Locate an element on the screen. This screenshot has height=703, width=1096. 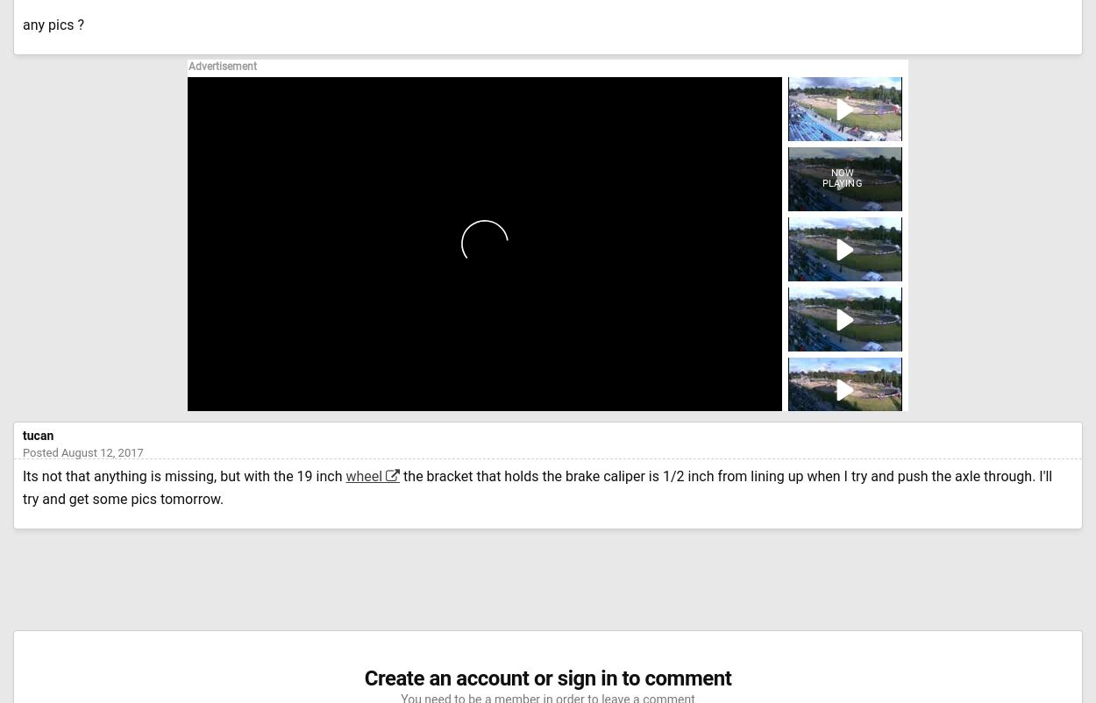
'tucan' is located at coordinates (38, 435).